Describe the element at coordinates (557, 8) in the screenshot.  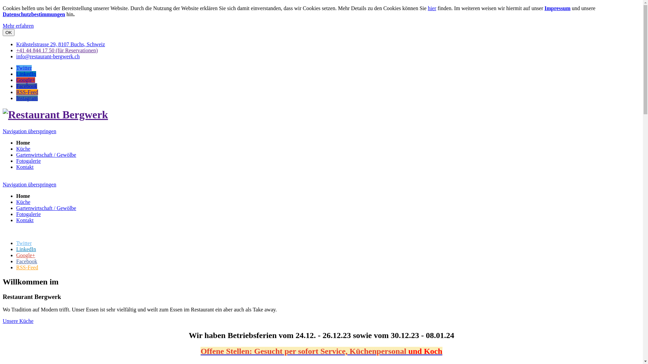
I see `'Impressum'` at that location.